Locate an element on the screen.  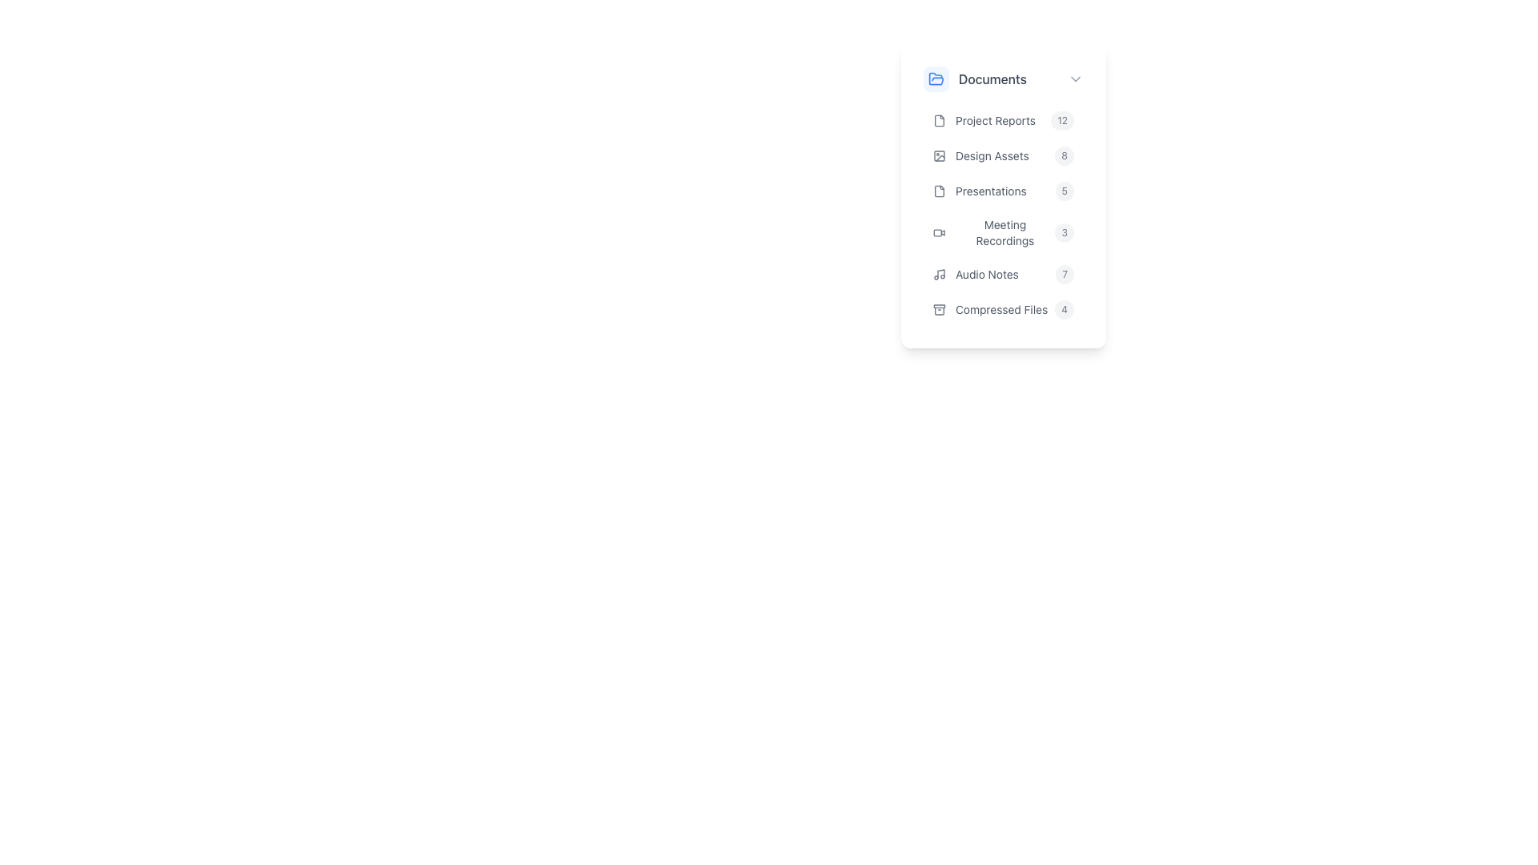
the third menu item labeled 'Presentations' in the 'Documents' section is located at coordinates (1002, 191).